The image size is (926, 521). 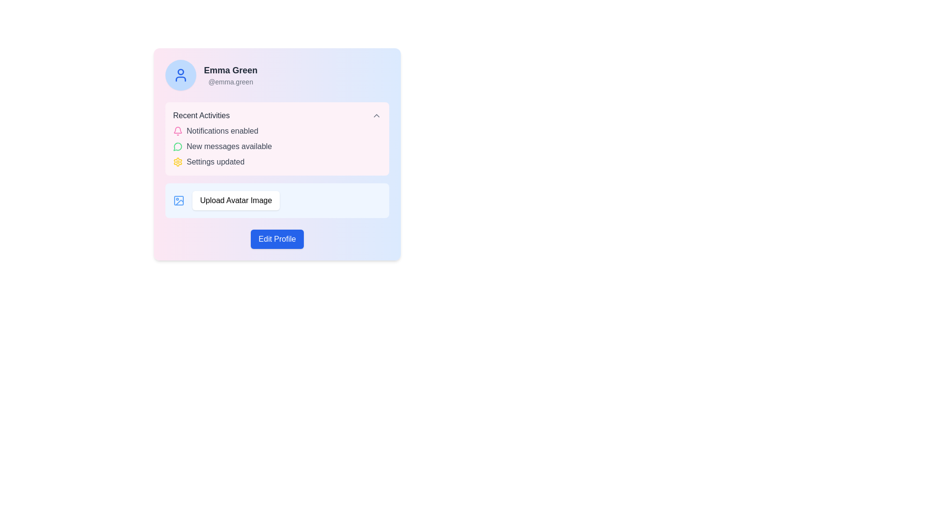 I want to click on the Text Label displaying 'New messages available' in the pink notification area, which is aligned with a green notification icon on its left, so click(x=229, y=147).